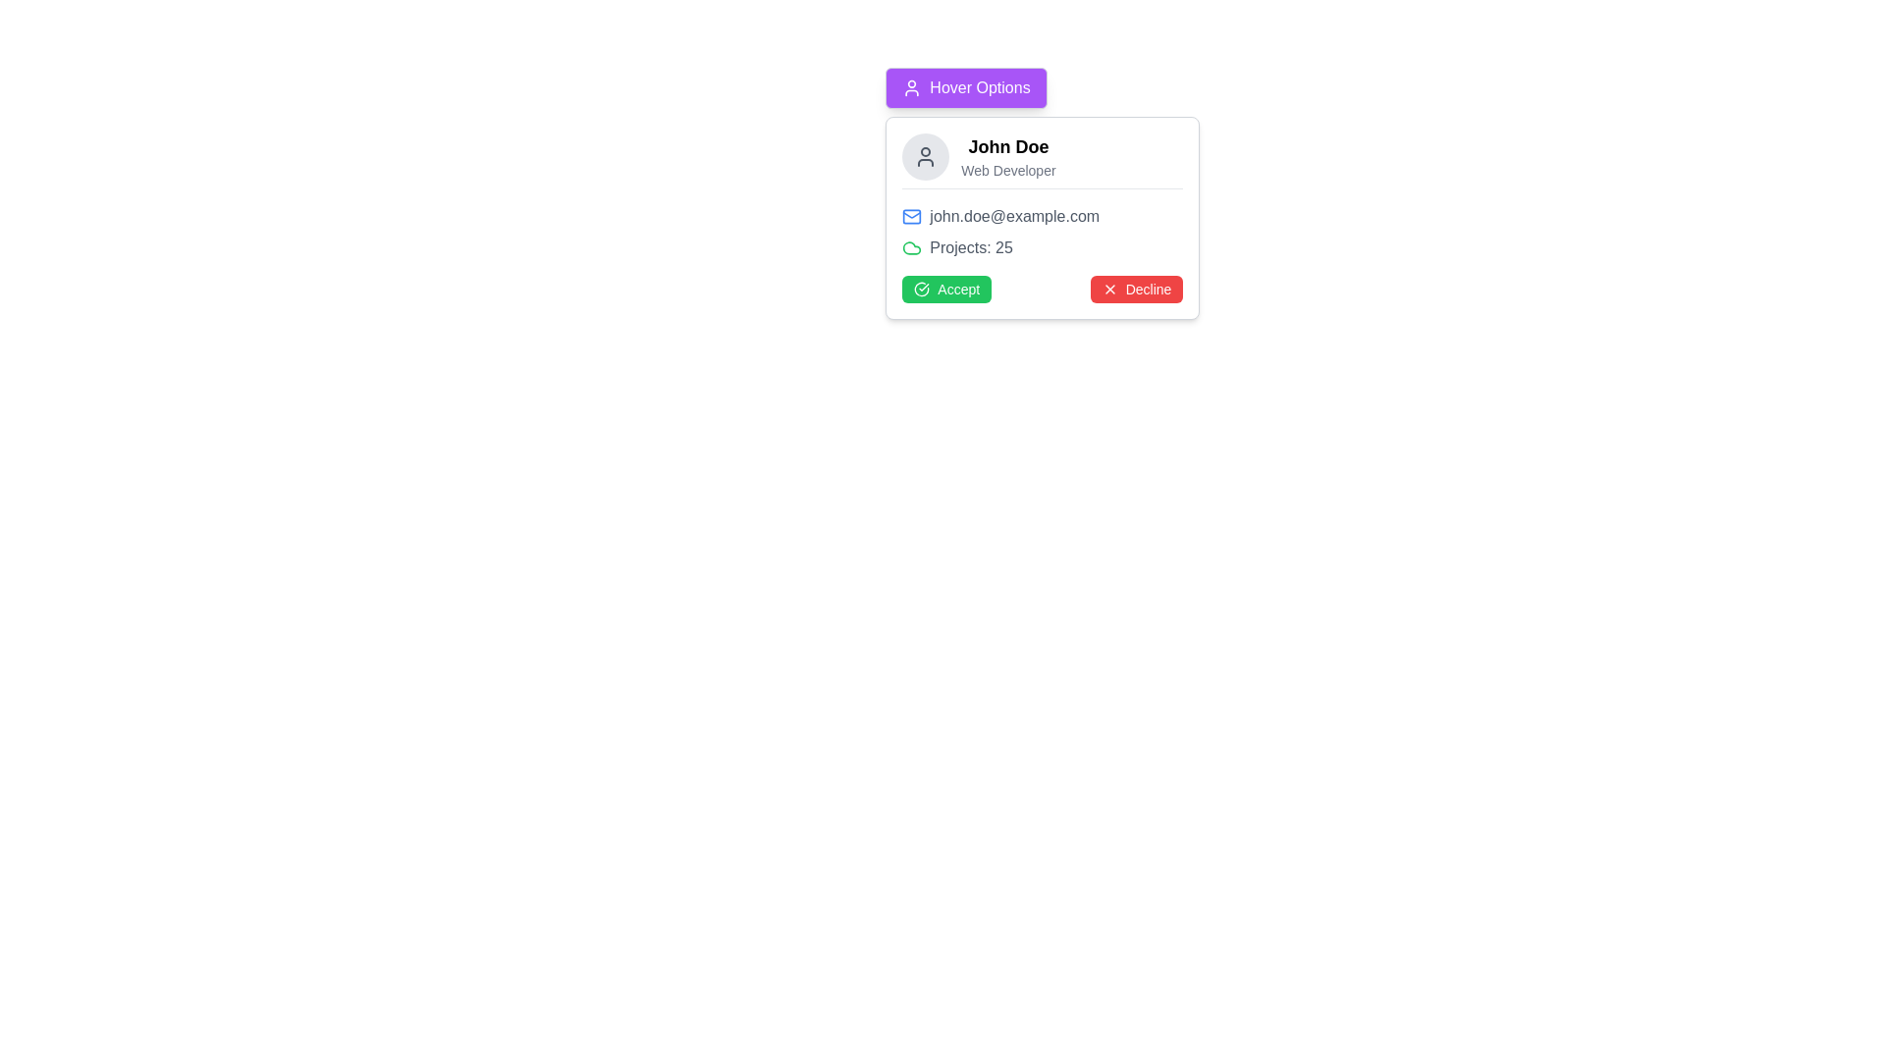 The image size is (1885, 1060). Describe the element at coordinates (921, 289) in the screenshot. I see `the design of the circular checkmark icon located to the right of the 'Accept' button text label, which has a green background and serves as an action marker` at that location.